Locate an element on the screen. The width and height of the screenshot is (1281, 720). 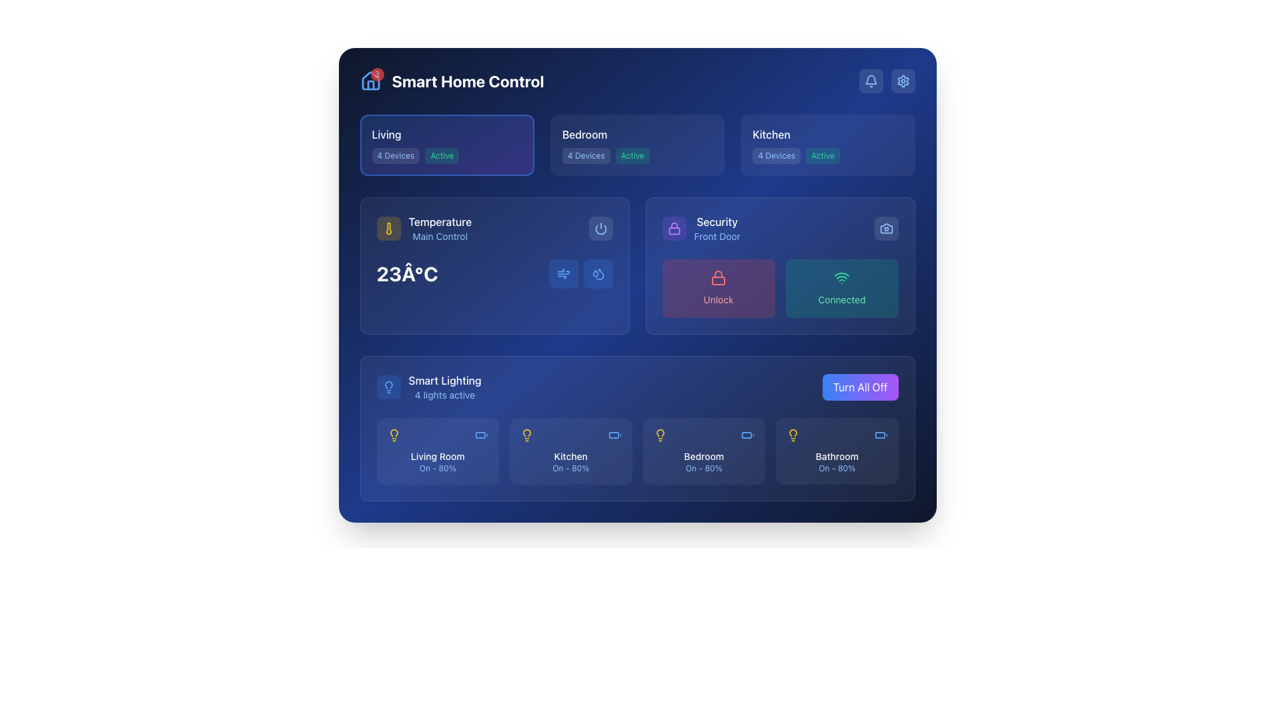
the lightbulb and battery icons in the icon group located in the middle portion of the 'Bedroom' card for information is located at coordinates (703, 435).